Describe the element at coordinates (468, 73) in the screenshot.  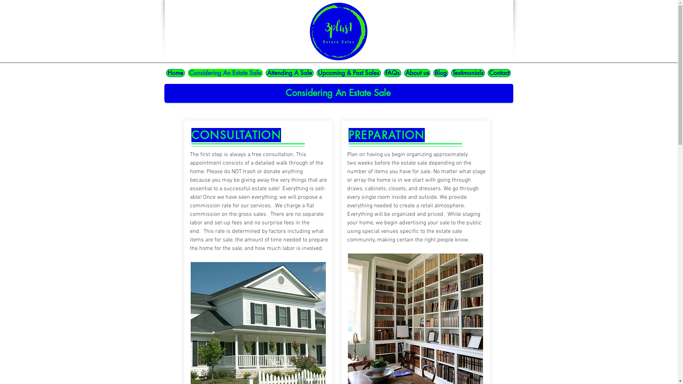
I see `'Testimonials'` at that location.